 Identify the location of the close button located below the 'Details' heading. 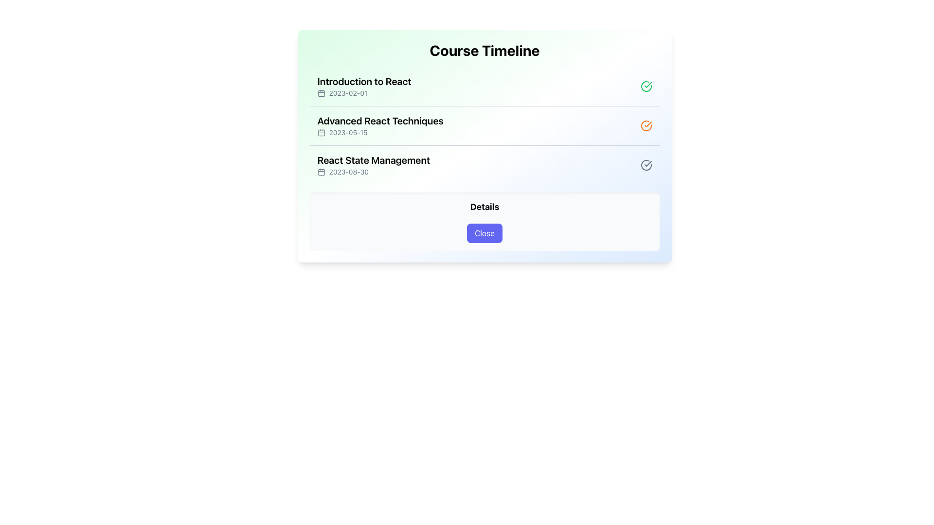
(485, 233).